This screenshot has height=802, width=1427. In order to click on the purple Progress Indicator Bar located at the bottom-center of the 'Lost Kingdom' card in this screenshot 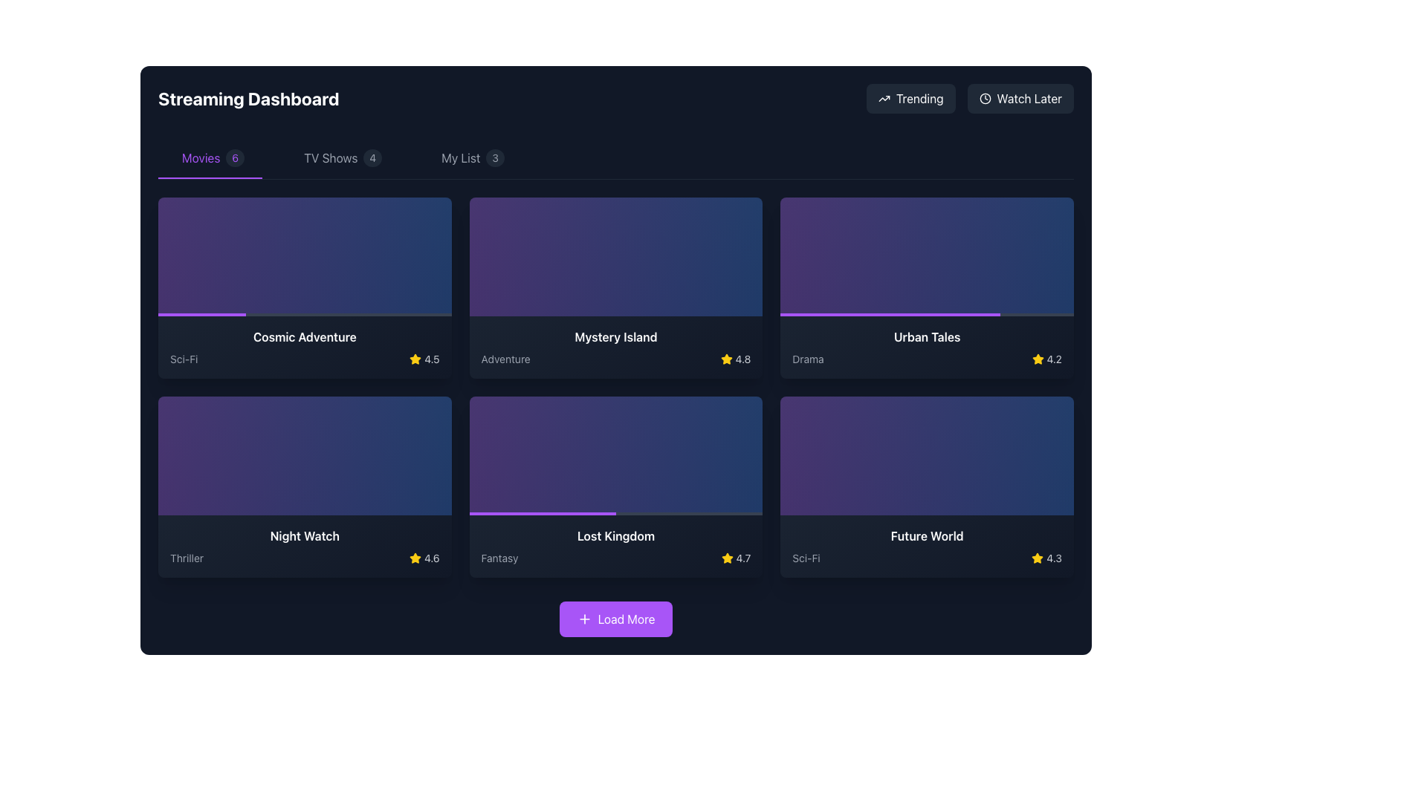, I will do `click(542, 512)`.